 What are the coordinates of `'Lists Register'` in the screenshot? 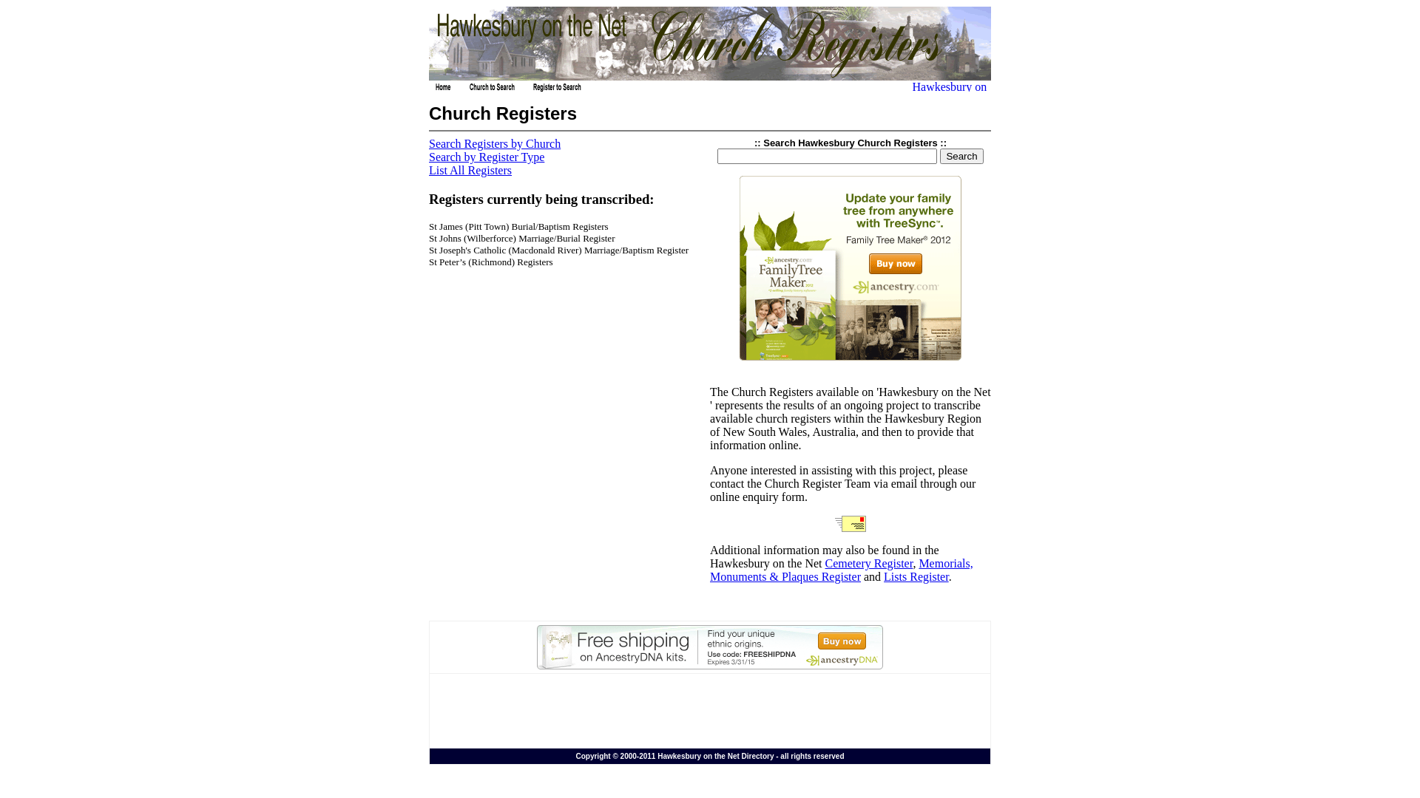 It's located at (915, 576).